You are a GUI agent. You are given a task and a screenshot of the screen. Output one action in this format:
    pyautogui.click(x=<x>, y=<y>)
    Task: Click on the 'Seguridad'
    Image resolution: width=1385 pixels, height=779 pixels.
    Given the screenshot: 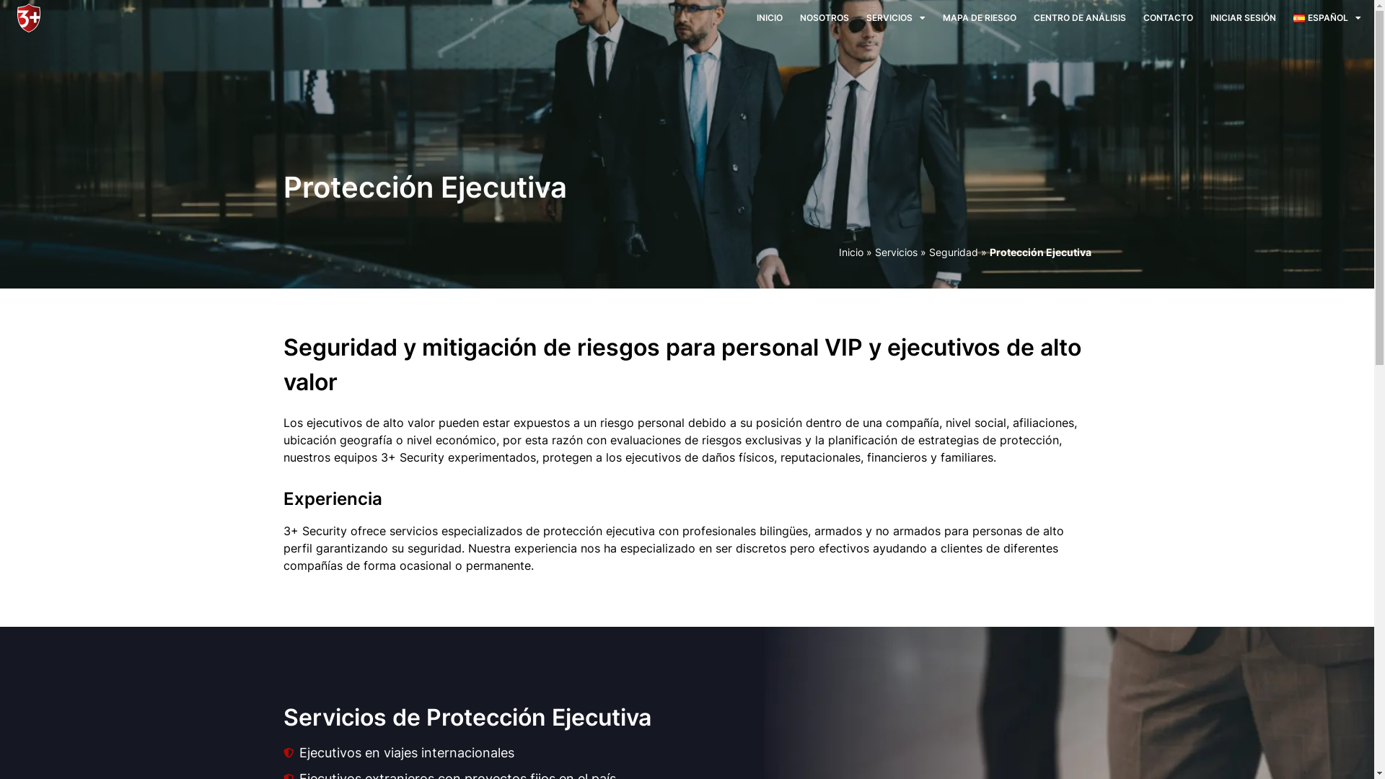 What is the action you would take?
    pyautogui.click(x=953, y=252)
    